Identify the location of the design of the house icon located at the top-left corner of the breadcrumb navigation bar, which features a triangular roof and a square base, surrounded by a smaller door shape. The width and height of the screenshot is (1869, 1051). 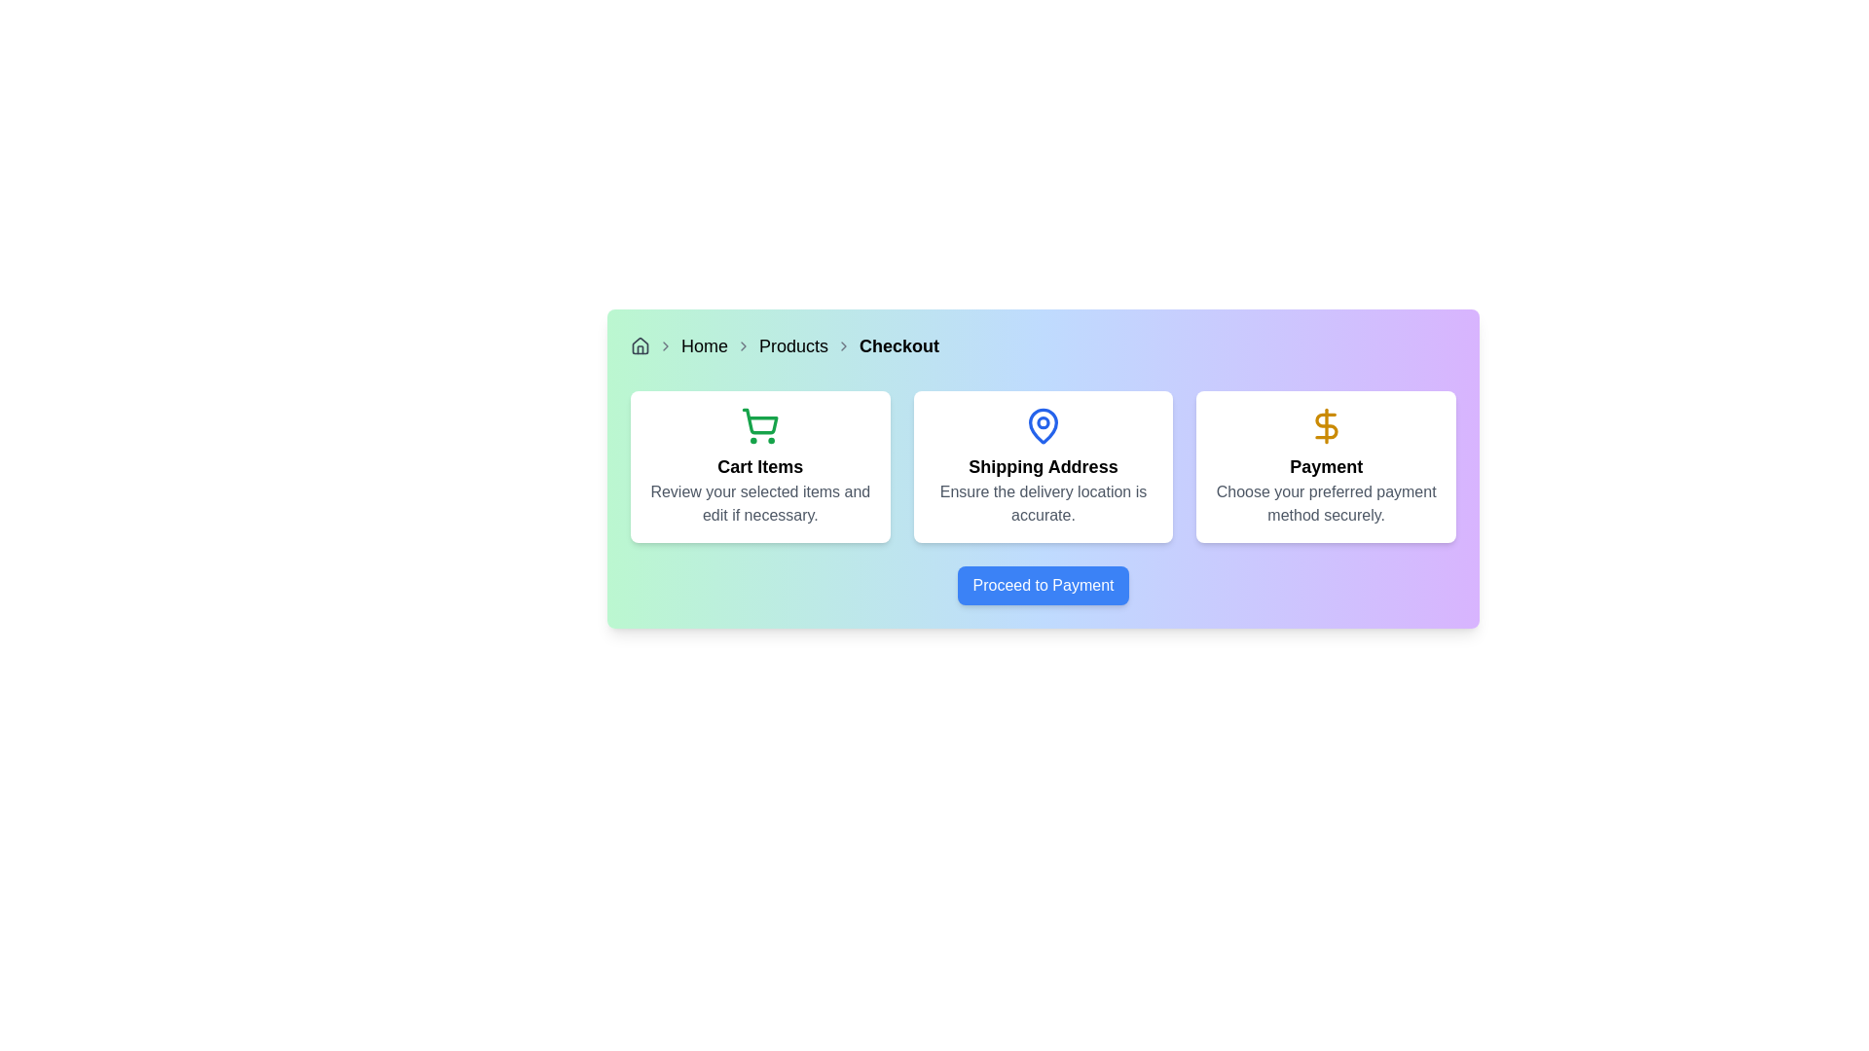
(640, 344).